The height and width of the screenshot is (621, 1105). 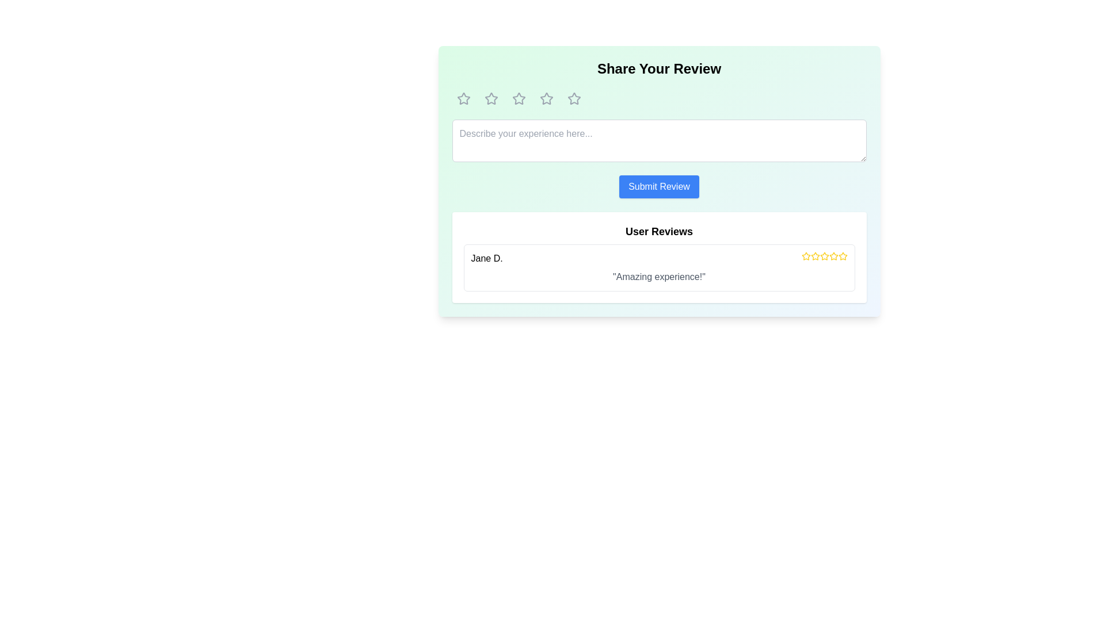 I want to click on the last yellow star icon in the 'User Reviews' section, so click(x=843, y=256).